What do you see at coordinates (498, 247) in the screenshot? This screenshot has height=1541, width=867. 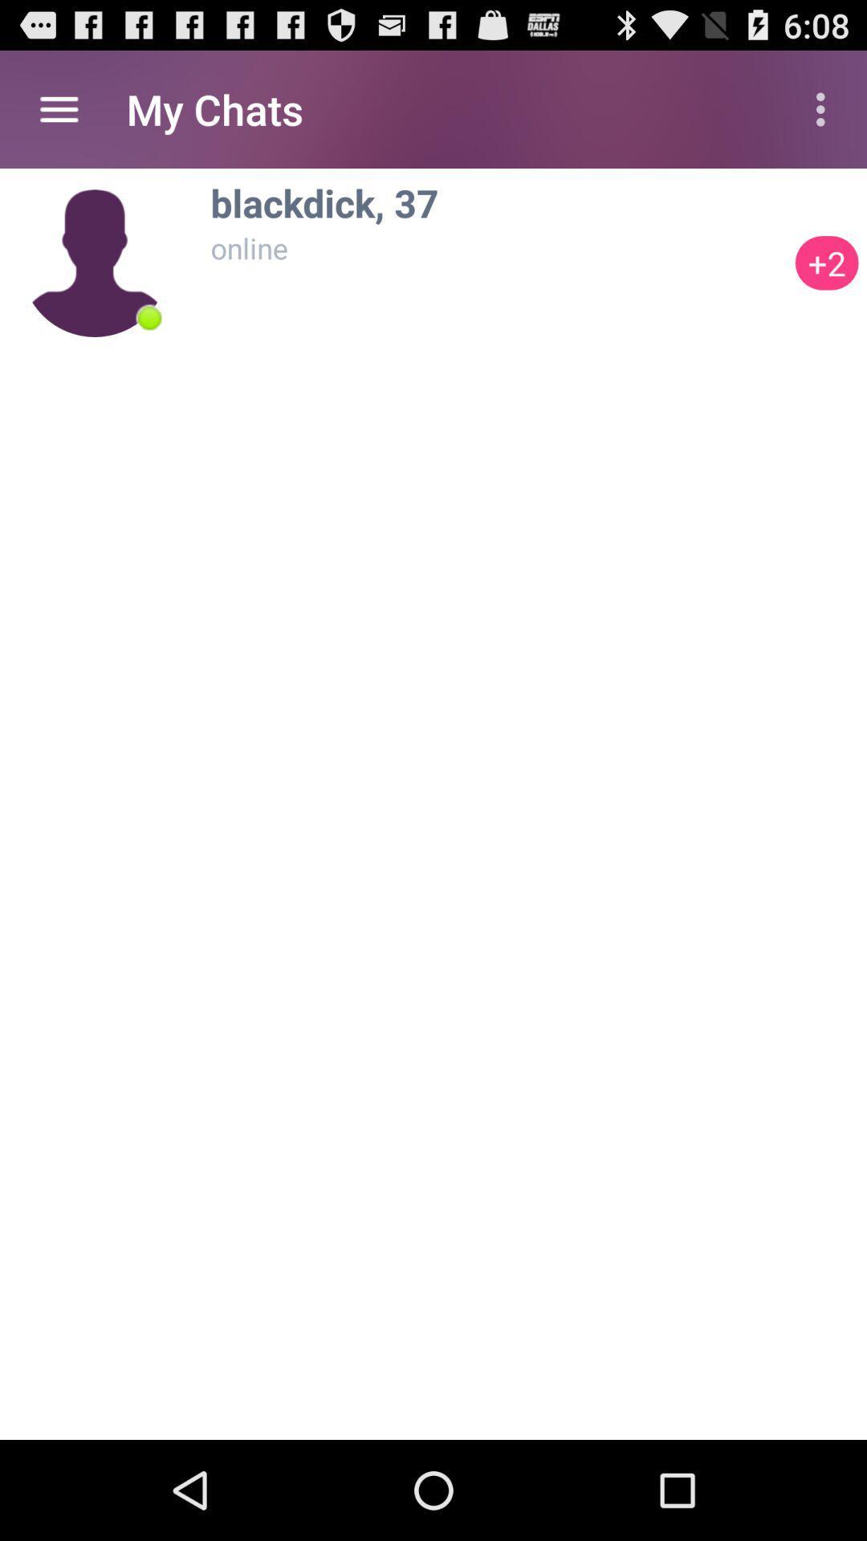 I see `the online item` at bounding box center [498, 247].